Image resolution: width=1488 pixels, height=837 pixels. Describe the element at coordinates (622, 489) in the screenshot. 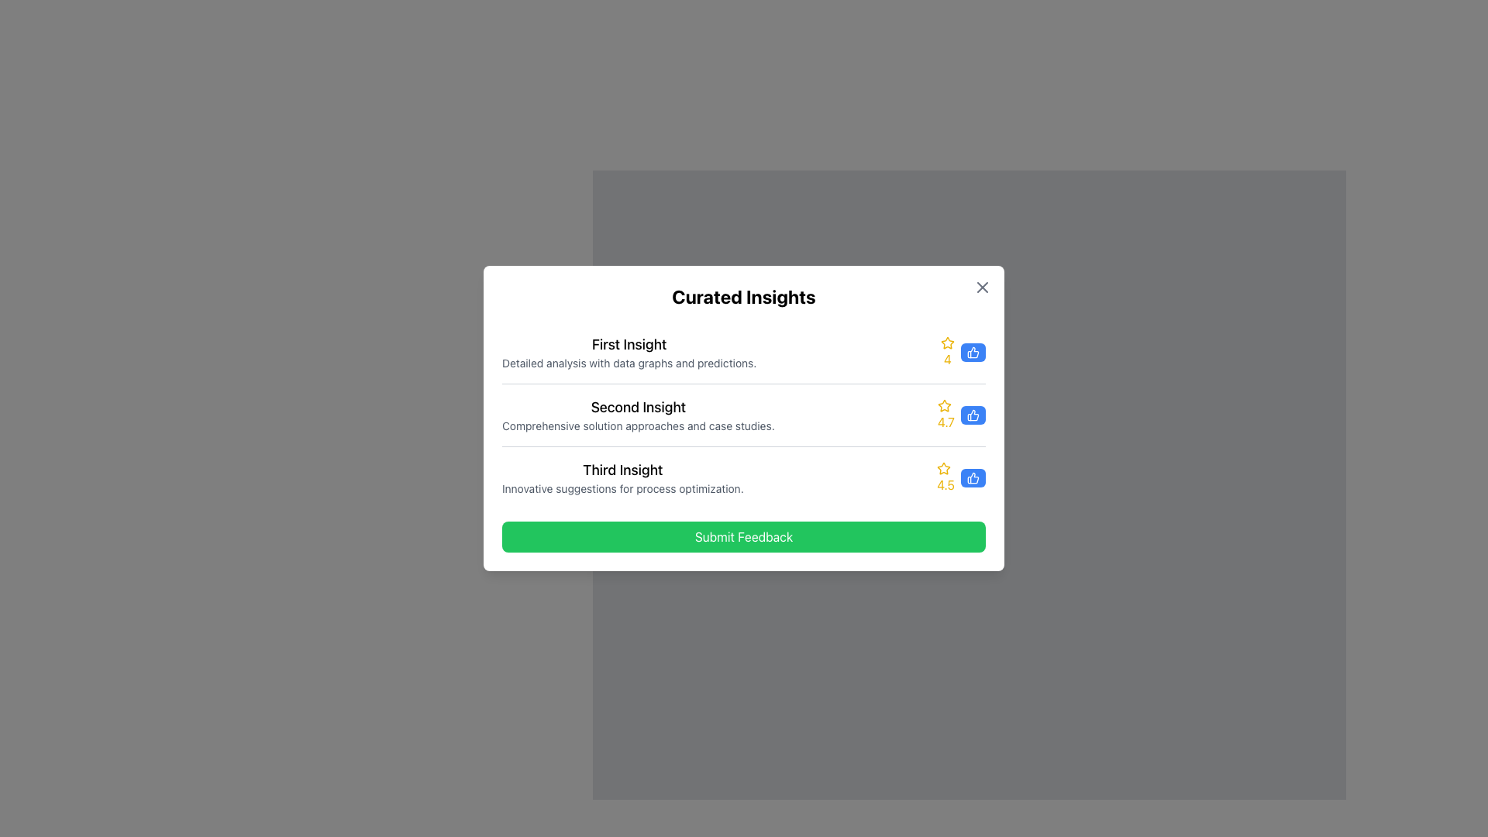

I see `the text element reading 'Innovative suggestions for process optimization.' which is styled in gray and located below the heading 'Third Insight'` at that location.